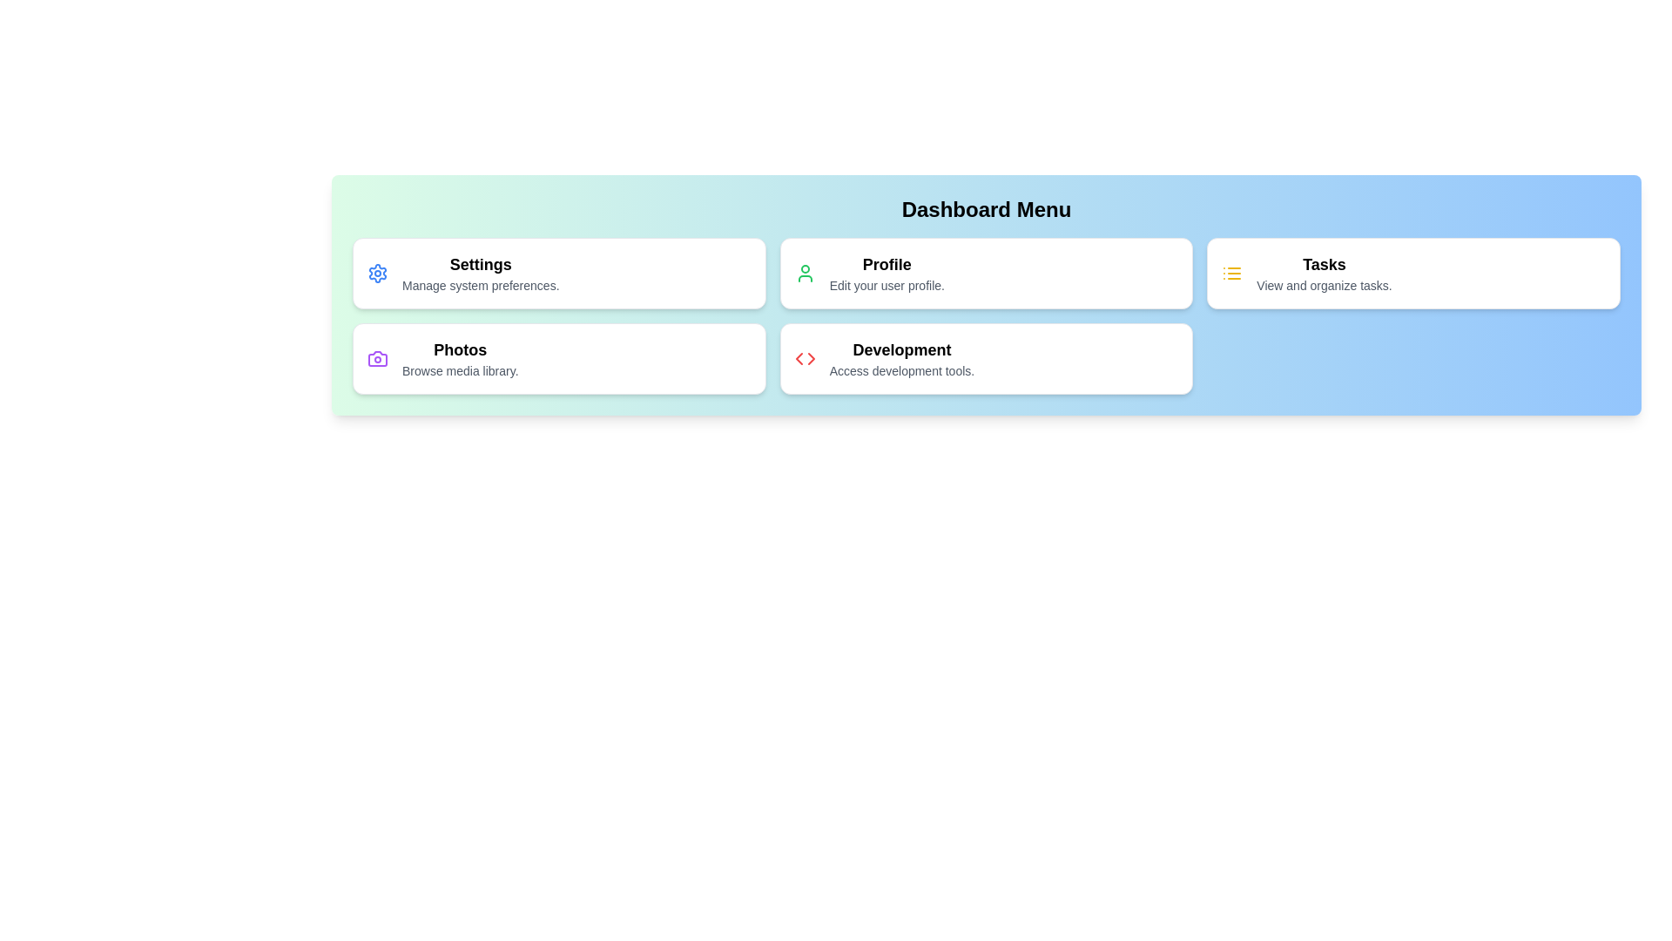 The image size is (1672, 941). What do you see at coordinates (1413, 273) in the screenshot?
I see `the menu item labeled Tasks to navigate to its associated functionality` at bounding box center [1413, 273].